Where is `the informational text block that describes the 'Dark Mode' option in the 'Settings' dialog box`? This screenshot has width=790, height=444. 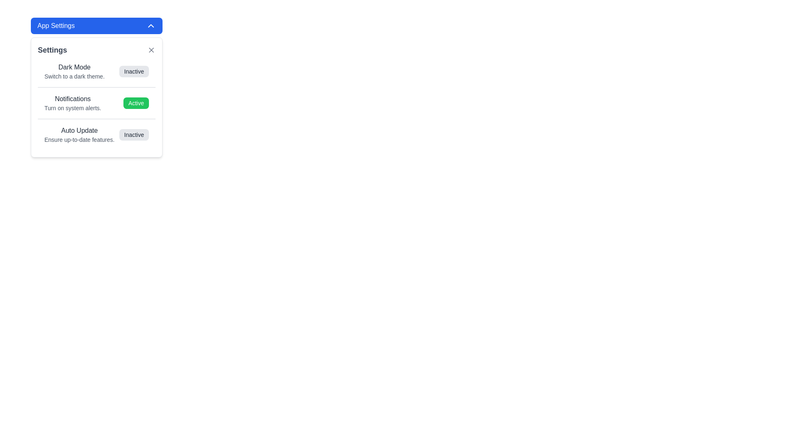 the informational text block that describes the 'Dark Mode' option in the 'Settings' dialog box is located at coordinates (74, 71).